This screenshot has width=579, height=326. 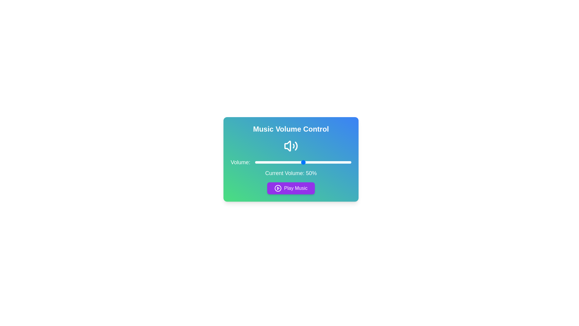 What do you see at coordinates (284, 162) in the screenshot?
I see `the volume slider to set the volume to 31%` at bounding box center [284, 162].